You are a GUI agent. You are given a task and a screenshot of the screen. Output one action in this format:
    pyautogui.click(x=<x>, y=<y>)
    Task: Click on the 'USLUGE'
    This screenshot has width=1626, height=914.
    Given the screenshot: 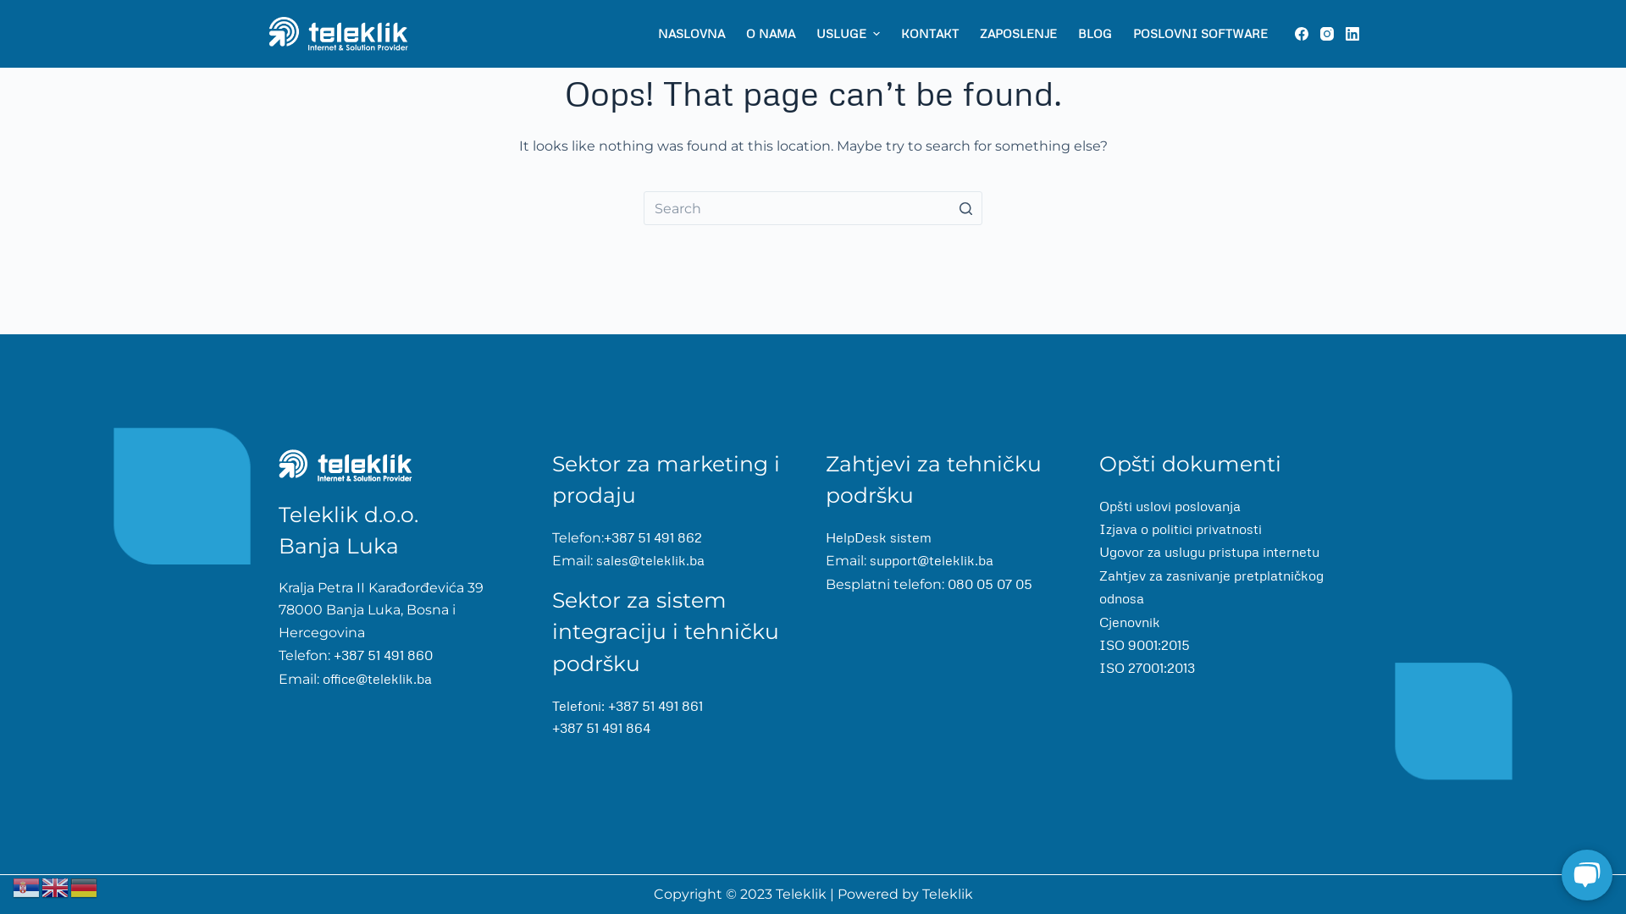 What is the action you would take?
    pyautogui.click(x=848, y=33)
    